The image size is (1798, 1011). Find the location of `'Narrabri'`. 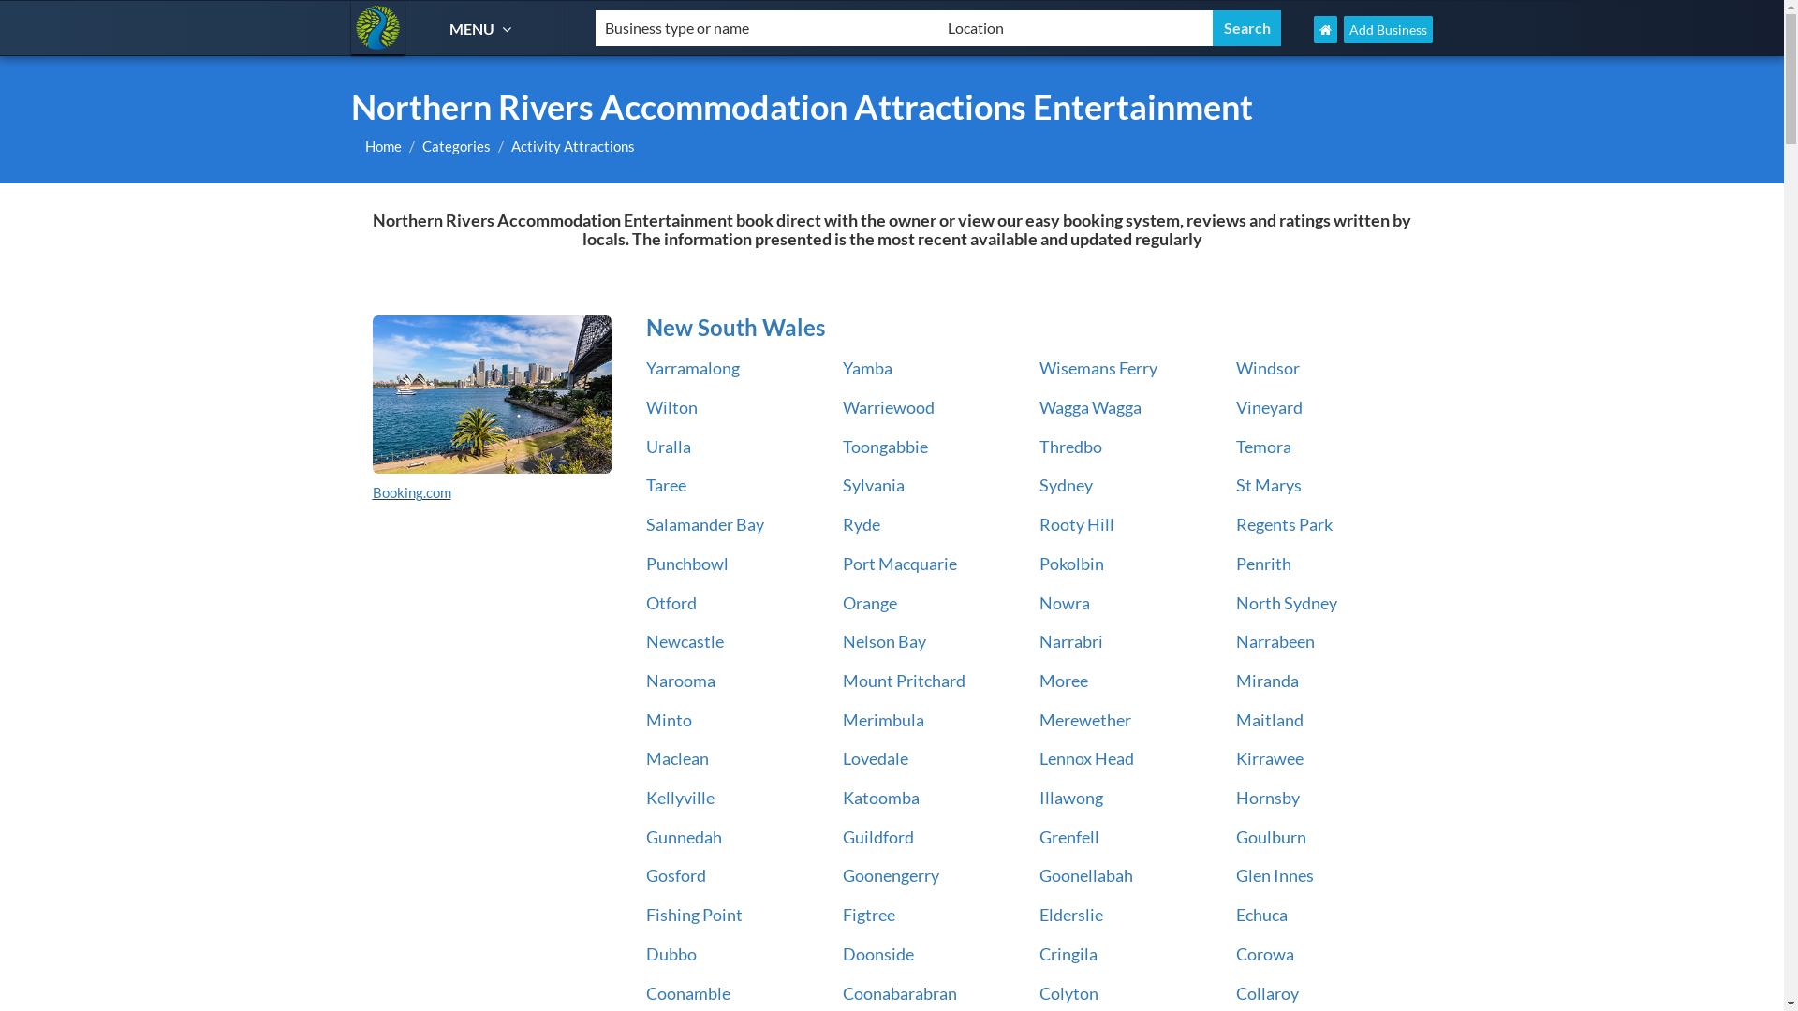

'Narrabri' is located at coordinates (1038, 640).